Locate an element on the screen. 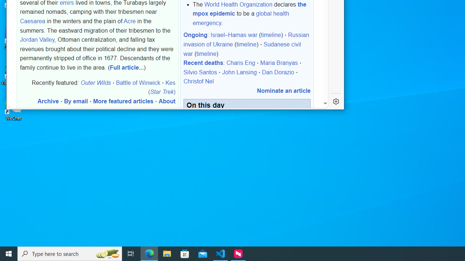 The width and height of the screenshot is (465, 261). 'Type here to search' is located at coordinates (70, 253).